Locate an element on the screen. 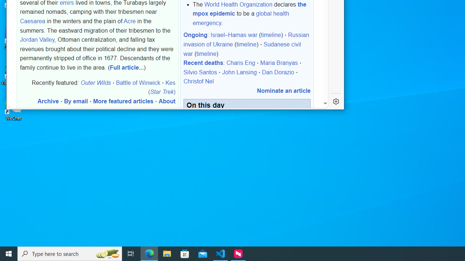 The width and height of the screenshot is (465, 261). 'Type here to search' is located at coordinates (70, 253).